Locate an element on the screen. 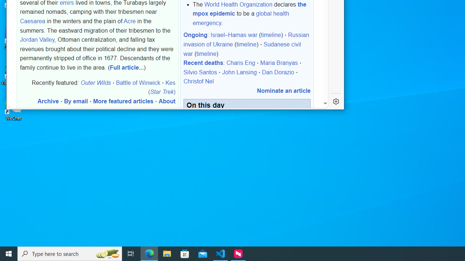 The width and height of the screenshot is (465, 261). 'Type here to search' is located at coordinates (70, 253).